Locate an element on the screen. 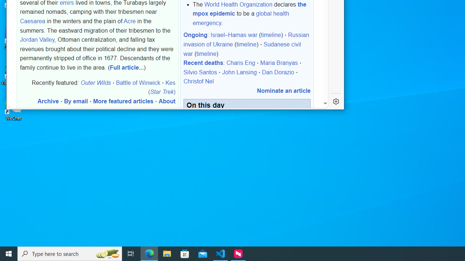 The width and height of the screenshot is (465, 261). 'Type here to search' is located at coordinates (70, 253).